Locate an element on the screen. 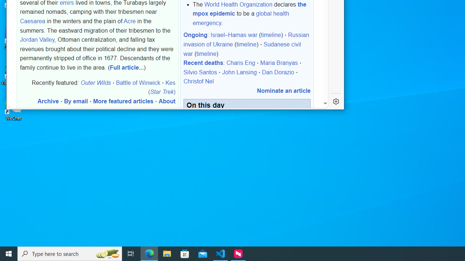 The width and height of the screenshot is (465, 261). 'Type here to search' is located at coordinates (70, 253).